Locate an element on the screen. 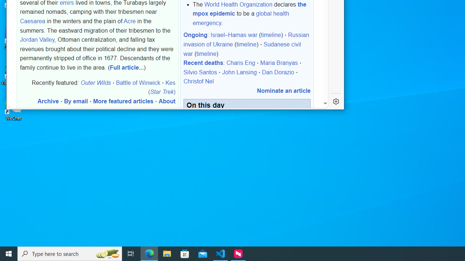 The width and height of the screenshot is (465, 261). 'Type here to search' is located at coordinates (70, 253).